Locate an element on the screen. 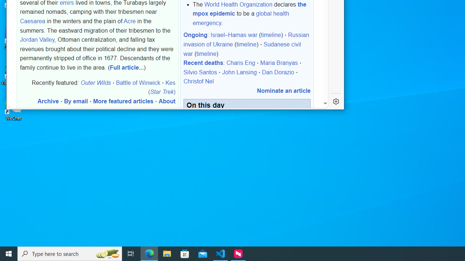 The width and height of the screenshot is (465, 261). 'Type here to search' is located at coordinates (70, 253).